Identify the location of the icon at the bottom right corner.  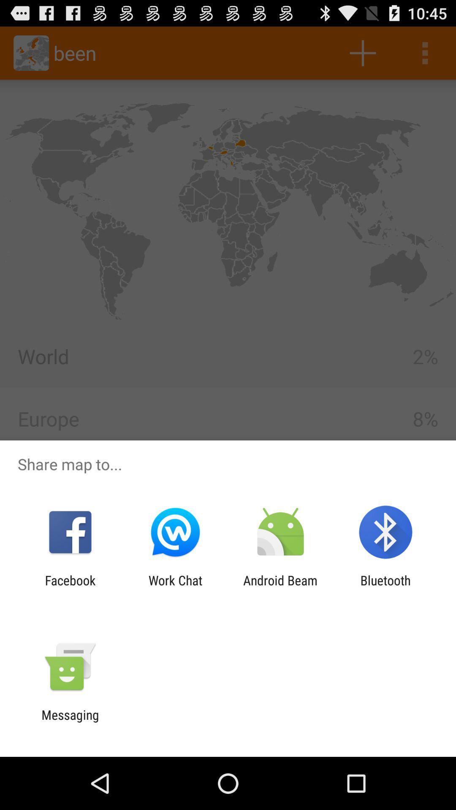
(385, 587).